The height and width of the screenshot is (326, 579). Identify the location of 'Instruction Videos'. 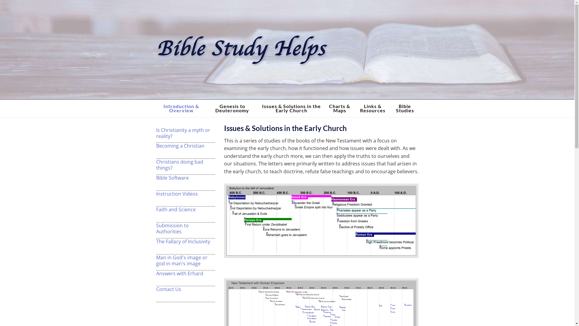
(156, 193).